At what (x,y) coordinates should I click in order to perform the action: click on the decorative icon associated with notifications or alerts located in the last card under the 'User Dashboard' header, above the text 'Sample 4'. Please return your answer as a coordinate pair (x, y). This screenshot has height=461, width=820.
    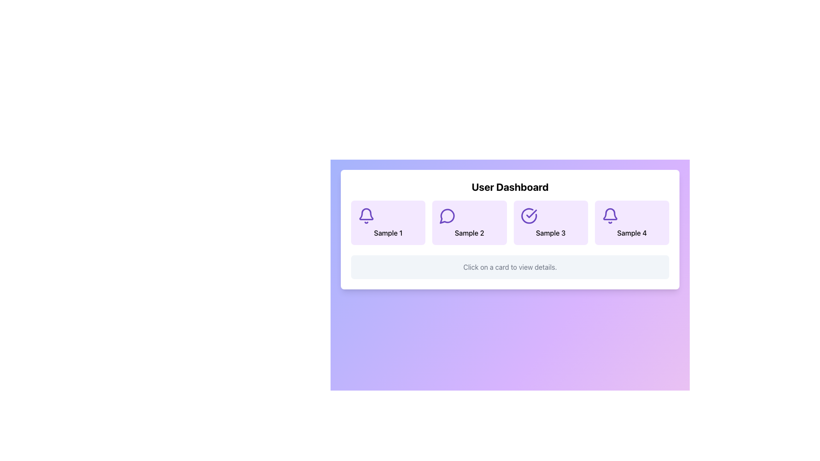
    Looking at the image, I should click on (609, 215).